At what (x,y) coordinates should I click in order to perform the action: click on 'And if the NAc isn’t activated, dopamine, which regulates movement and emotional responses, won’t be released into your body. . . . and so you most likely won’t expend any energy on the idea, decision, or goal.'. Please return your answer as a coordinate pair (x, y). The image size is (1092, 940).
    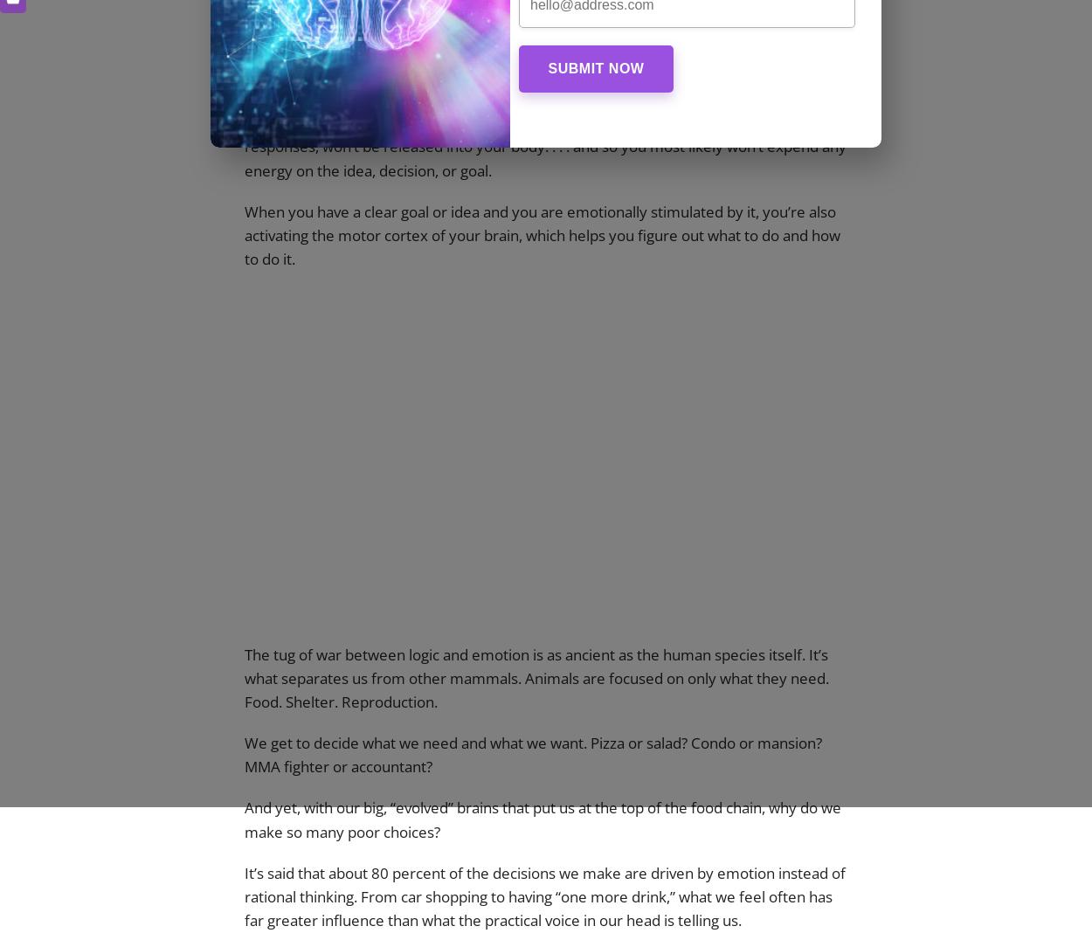
    Looking at the image, I should click on (544, 146).